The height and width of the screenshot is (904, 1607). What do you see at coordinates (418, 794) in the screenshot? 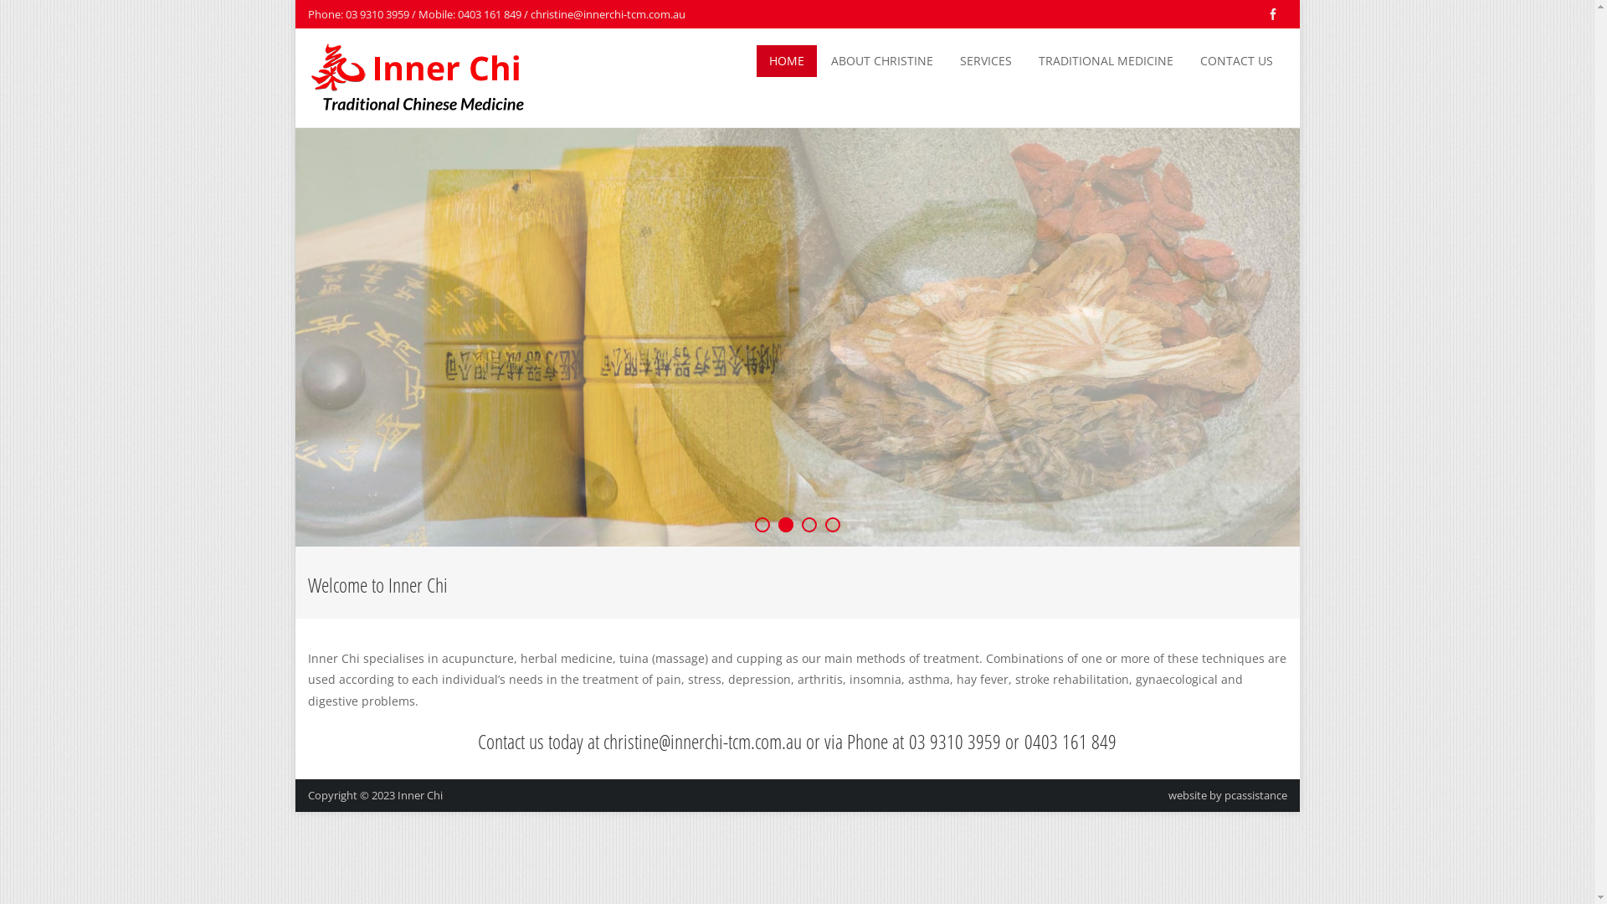
I see `'Inner Chi'` at bounding box center [418, 794].